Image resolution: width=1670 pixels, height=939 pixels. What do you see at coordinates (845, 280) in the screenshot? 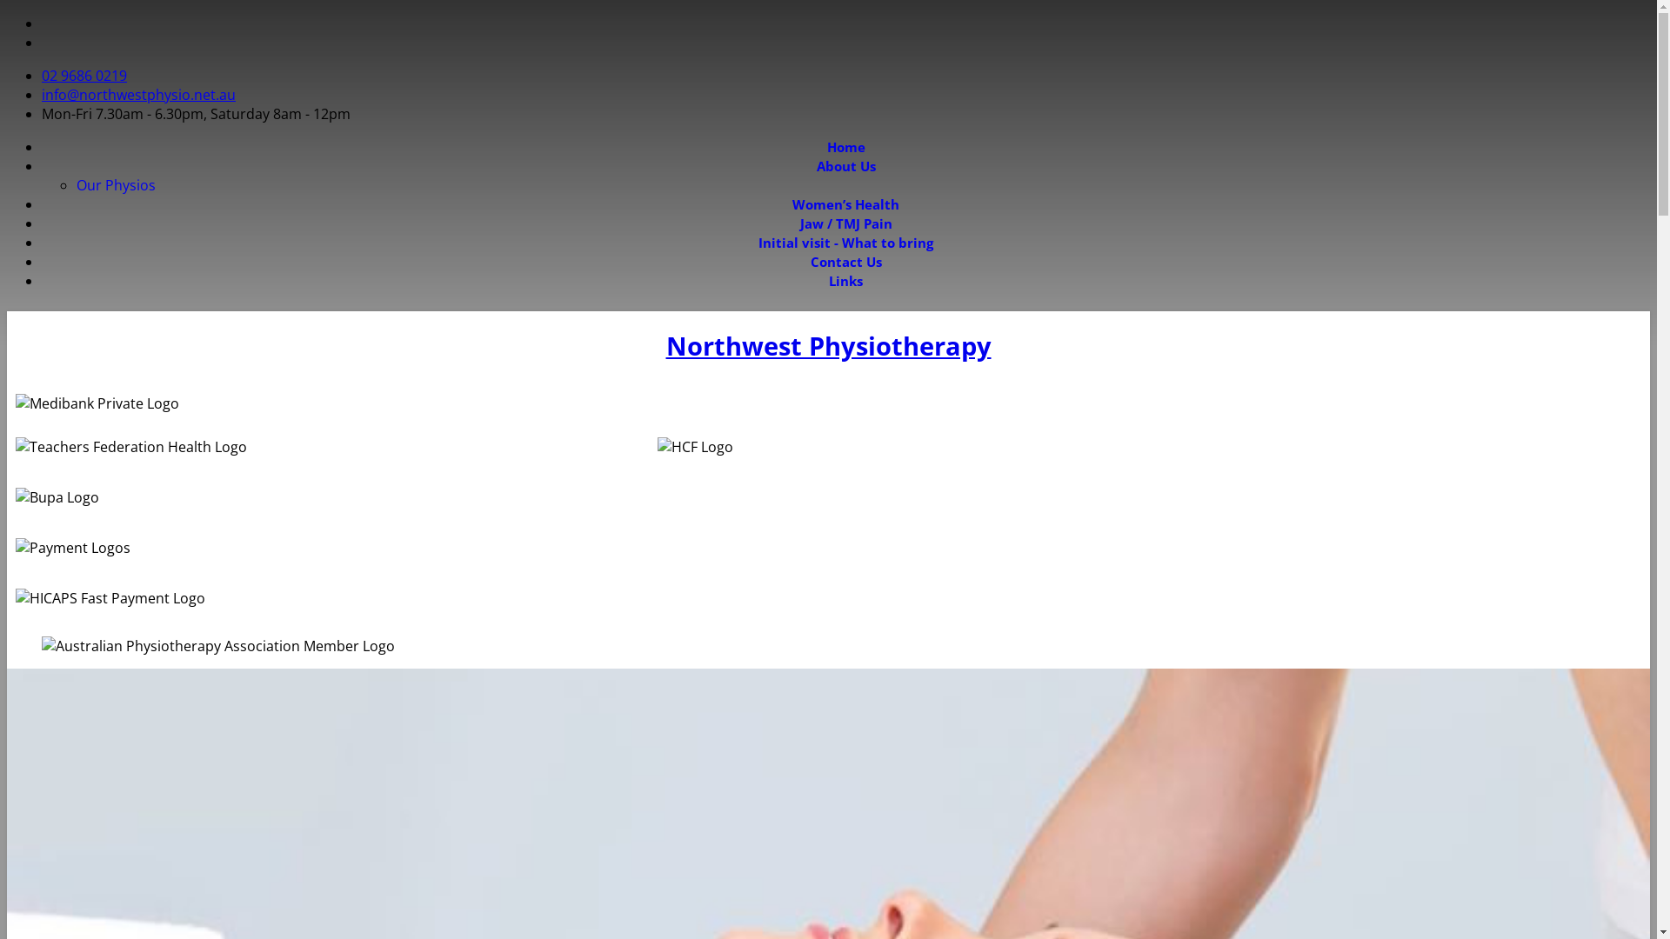
I see `'Links'` at bounding box center [845, 280].